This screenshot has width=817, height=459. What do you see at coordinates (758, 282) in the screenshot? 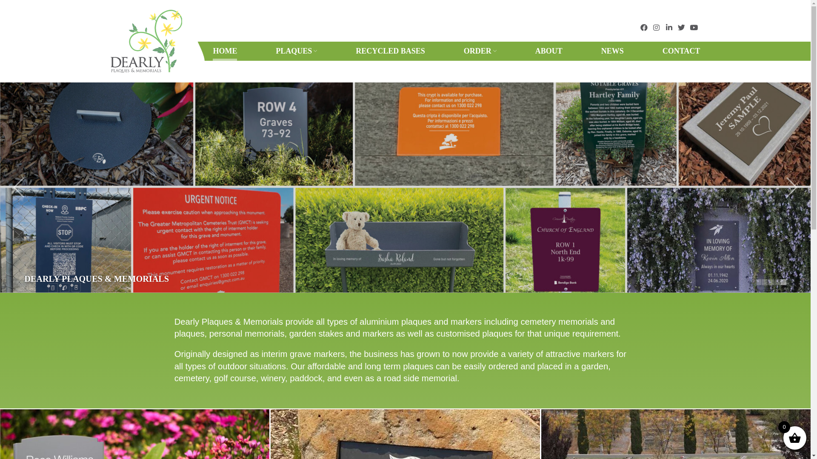
I see `'1'` at bounding box center [758, 282].